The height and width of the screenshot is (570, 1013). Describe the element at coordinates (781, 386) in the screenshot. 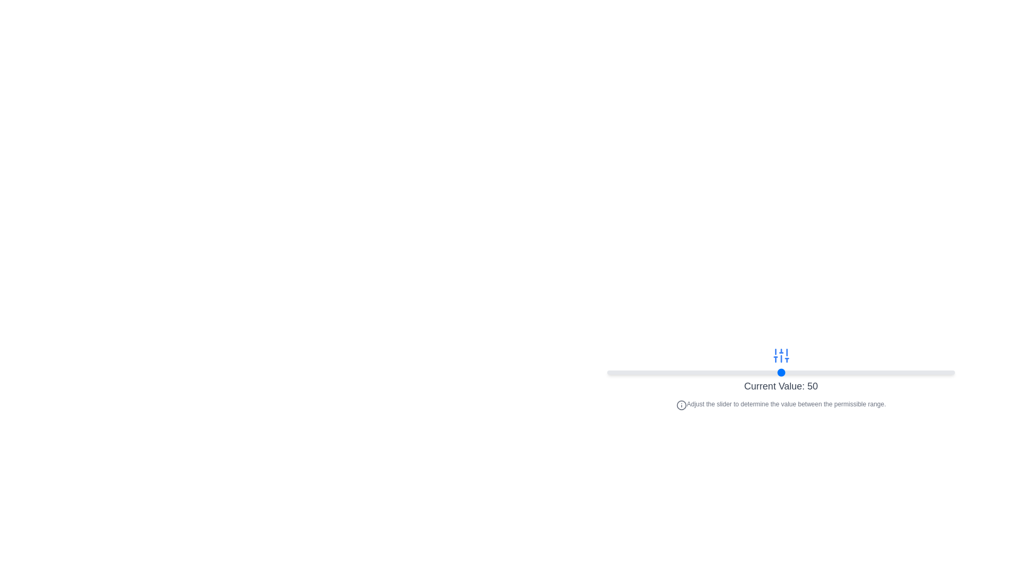

I see `the text label displaying 'Current Value: 50', which is positioned below the slider component and serves as the primary textual indicator` at that location.